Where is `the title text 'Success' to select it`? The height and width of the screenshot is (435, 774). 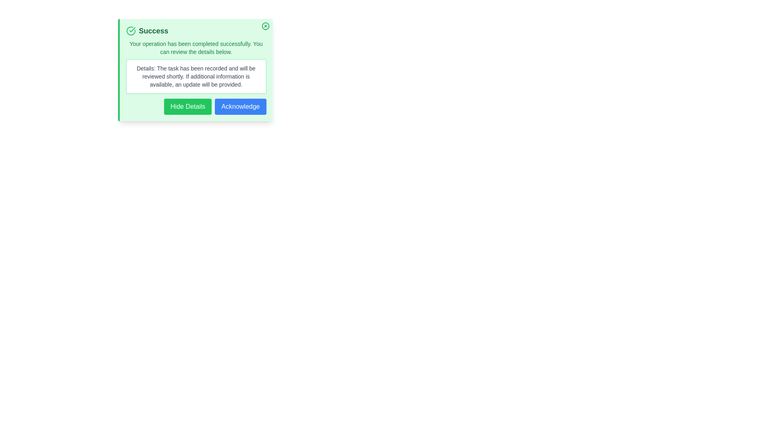
the title text 'Success' to select it is located at coordinates (196, 31).